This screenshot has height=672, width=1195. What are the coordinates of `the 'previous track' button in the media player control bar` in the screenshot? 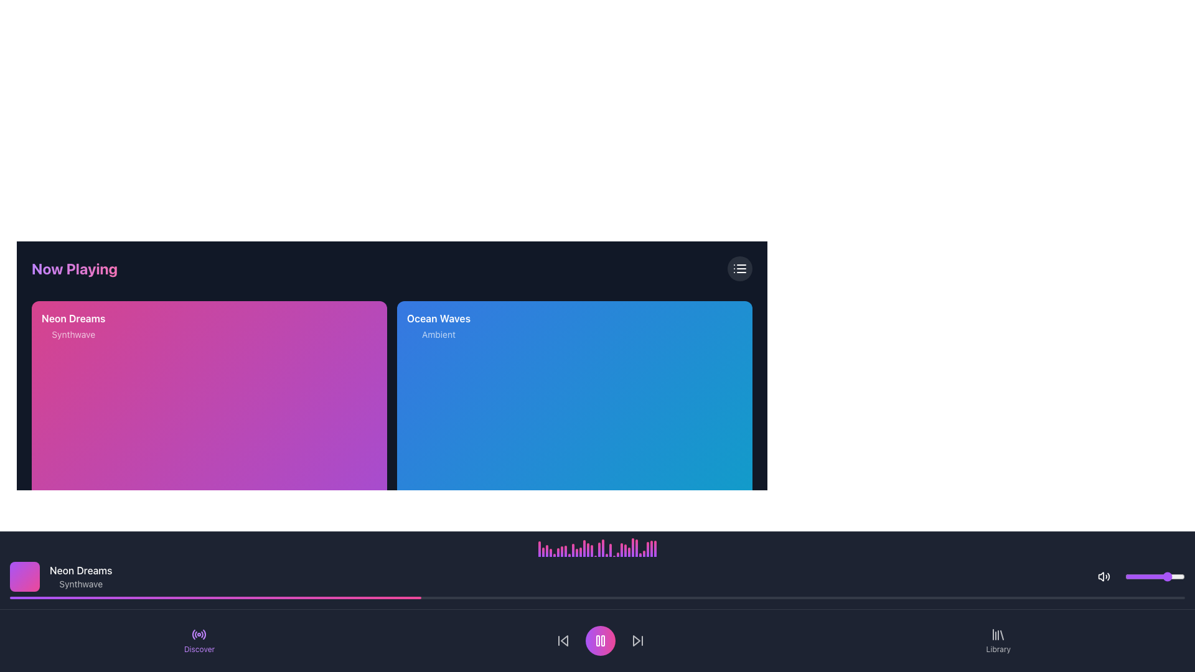 It's located at (563, 640).